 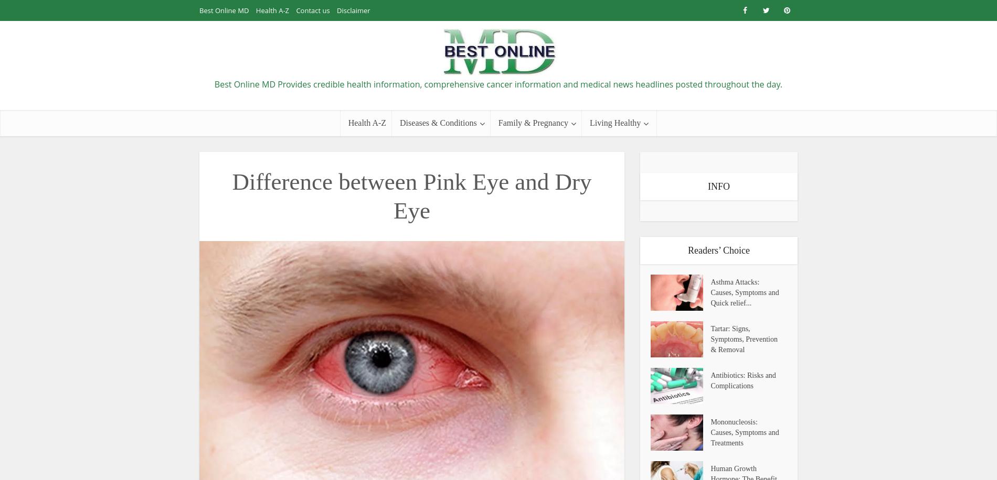 What do you see at coordinates (613, 309) in the screenshot?
I see `'Women’s Health'` at bounding box center [613, 309].